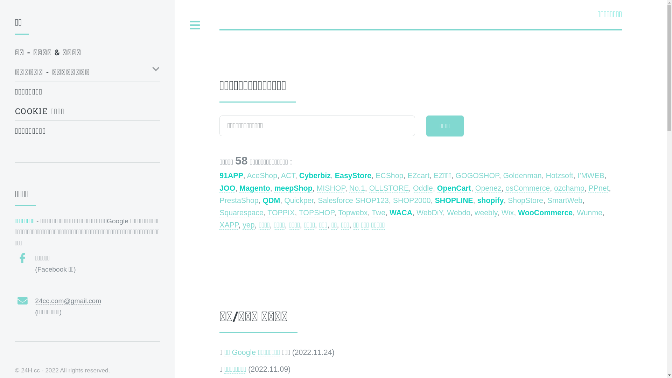 The width and height of the screenshot is (672, 378). I want to click on 'OLLSTORE', so click(388, 188).